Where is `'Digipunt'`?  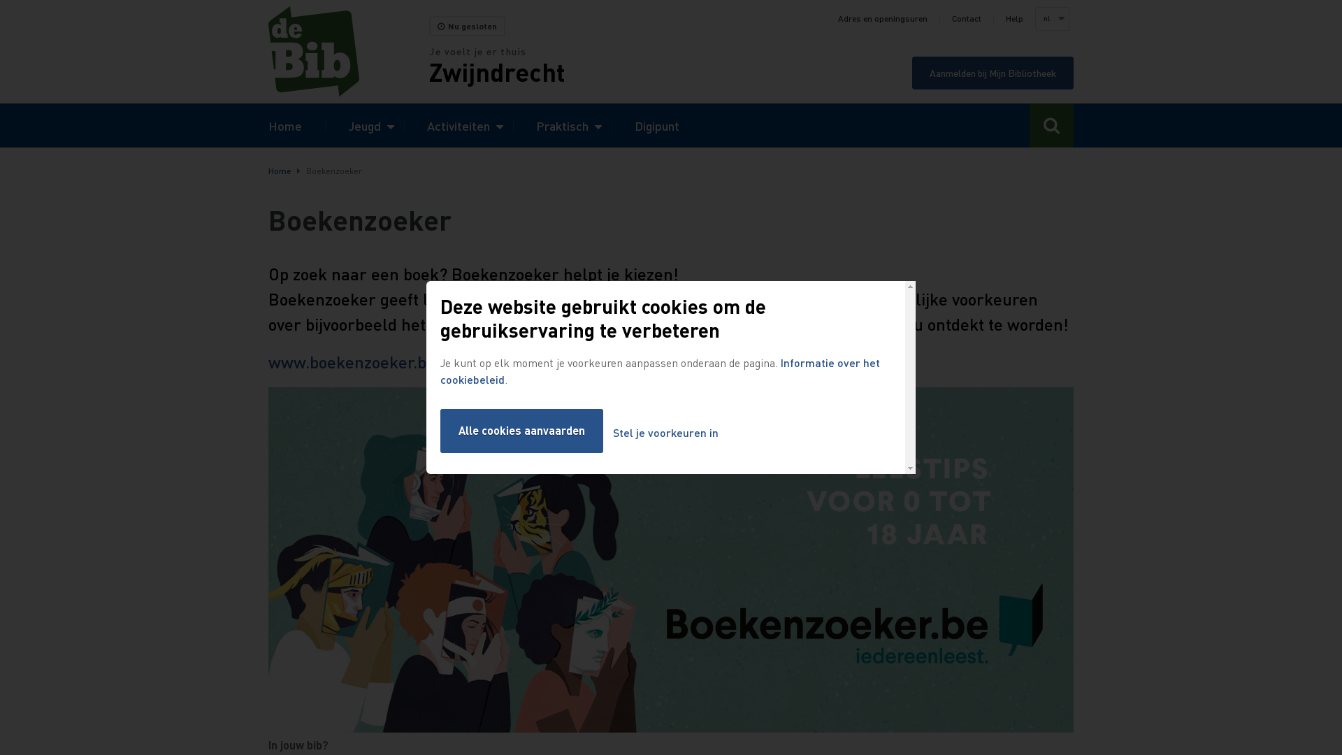
'Digipunt' is located at coordinates (656, 124).